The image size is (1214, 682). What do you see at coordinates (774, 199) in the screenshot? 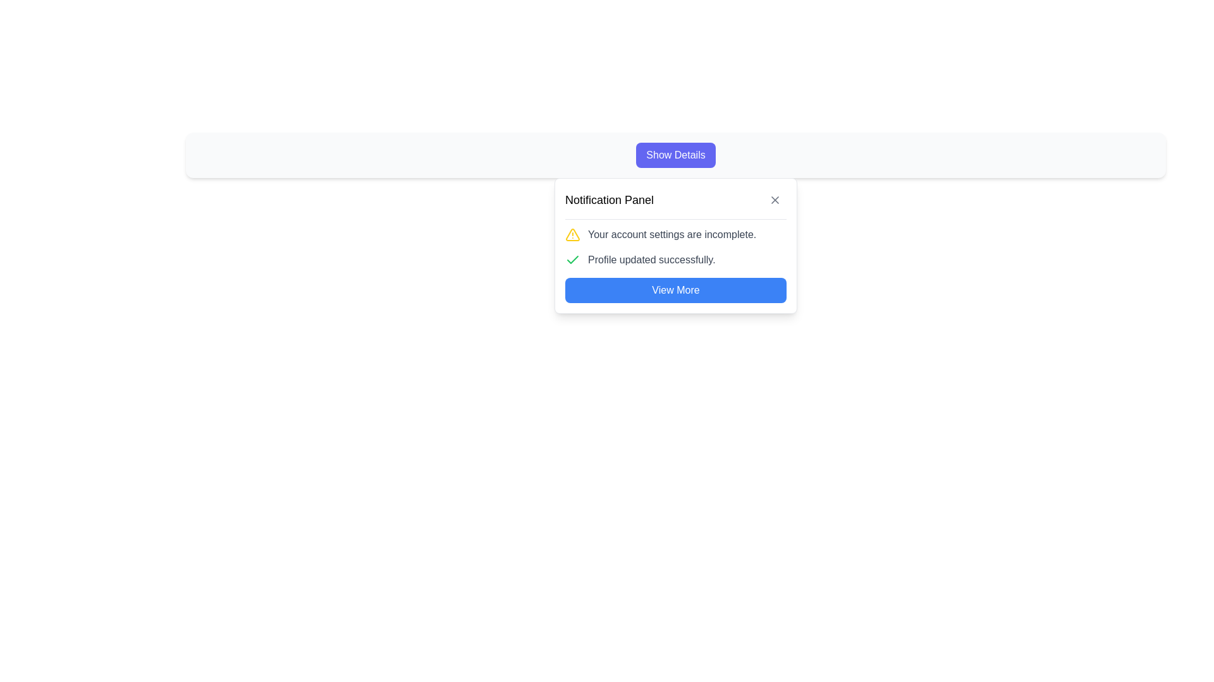
I see `the small gray button with an 'X' icon located at the top-right corner of the notification panel header` at bounding box center [774, 199].